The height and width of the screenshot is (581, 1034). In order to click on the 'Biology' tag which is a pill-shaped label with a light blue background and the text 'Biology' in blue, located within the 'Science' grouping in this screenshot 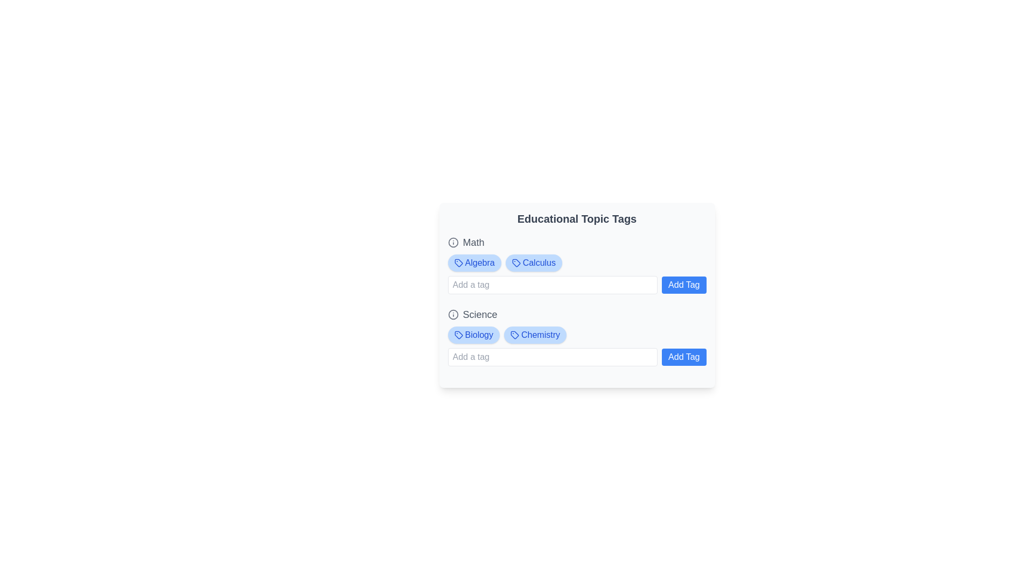, I will do `click(473, 335)`.